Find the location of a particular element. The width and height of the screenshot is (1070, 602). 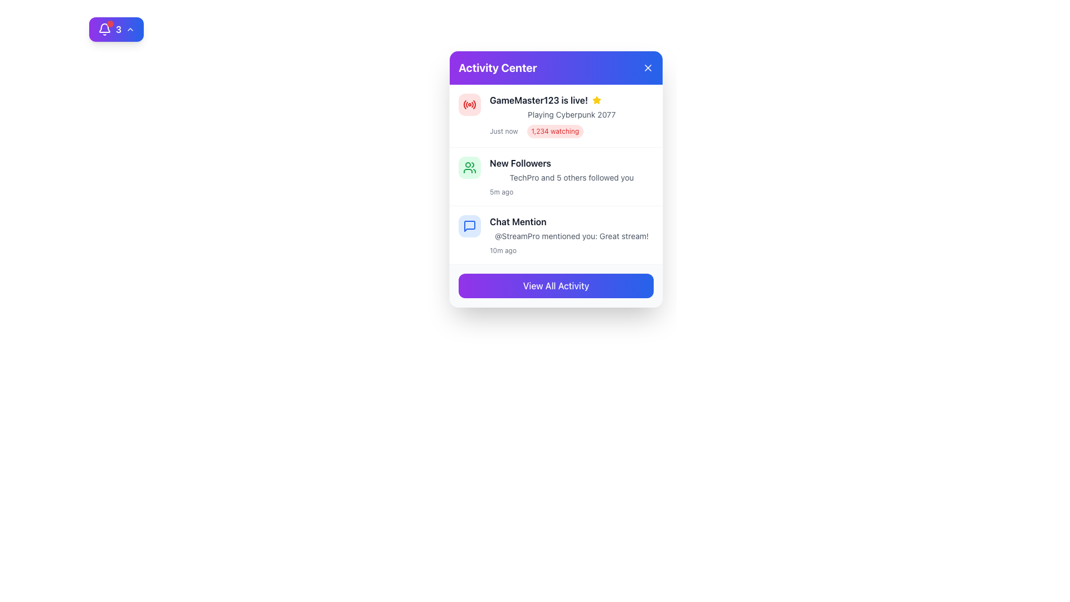

the third notification block in the 'Activity Center' panel, which features a blue chat bubble icon, a title 'Chat Mention', a description '@StreamPro mentioned you: Great stream!', and a time indication '10m ago' is located at coordinates (556, 234).